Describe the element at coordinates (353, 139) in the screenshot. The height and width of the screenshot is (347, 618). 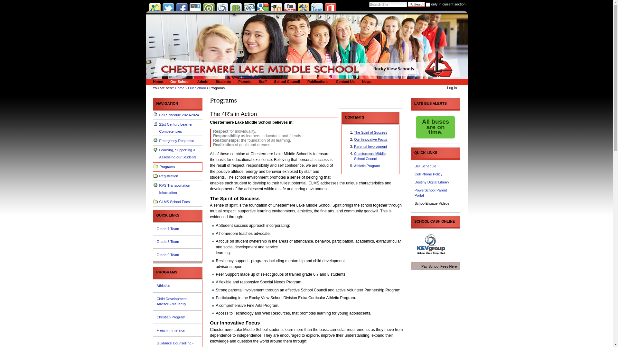
I see `'Our Innovative Focus'` at that location.